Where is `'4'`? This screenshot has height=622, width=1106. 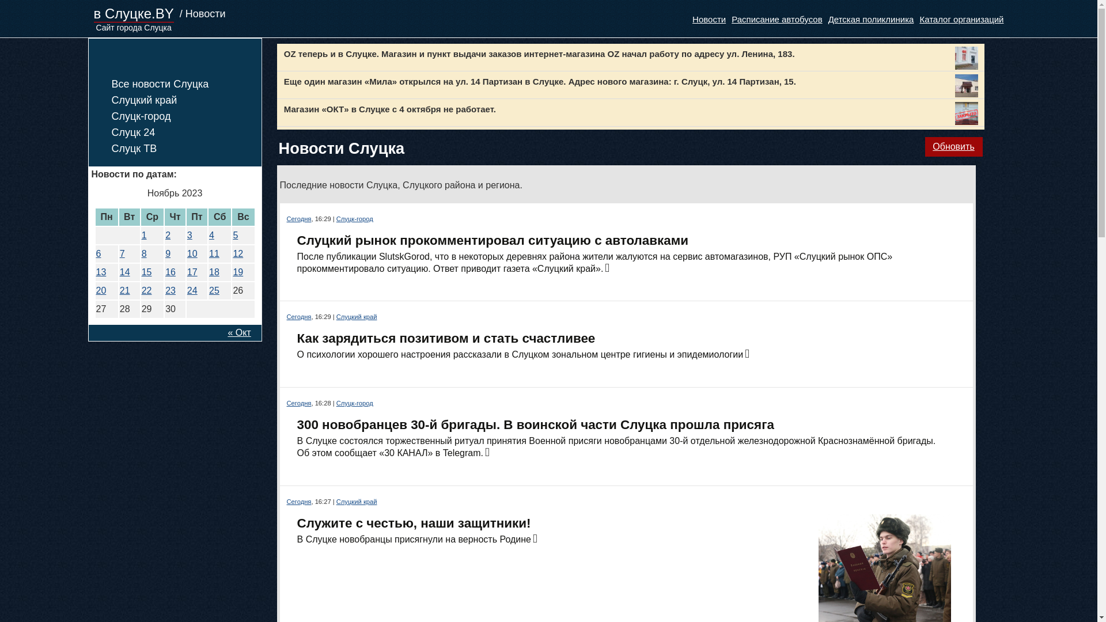
'4' is located at coordinates (211, 234).